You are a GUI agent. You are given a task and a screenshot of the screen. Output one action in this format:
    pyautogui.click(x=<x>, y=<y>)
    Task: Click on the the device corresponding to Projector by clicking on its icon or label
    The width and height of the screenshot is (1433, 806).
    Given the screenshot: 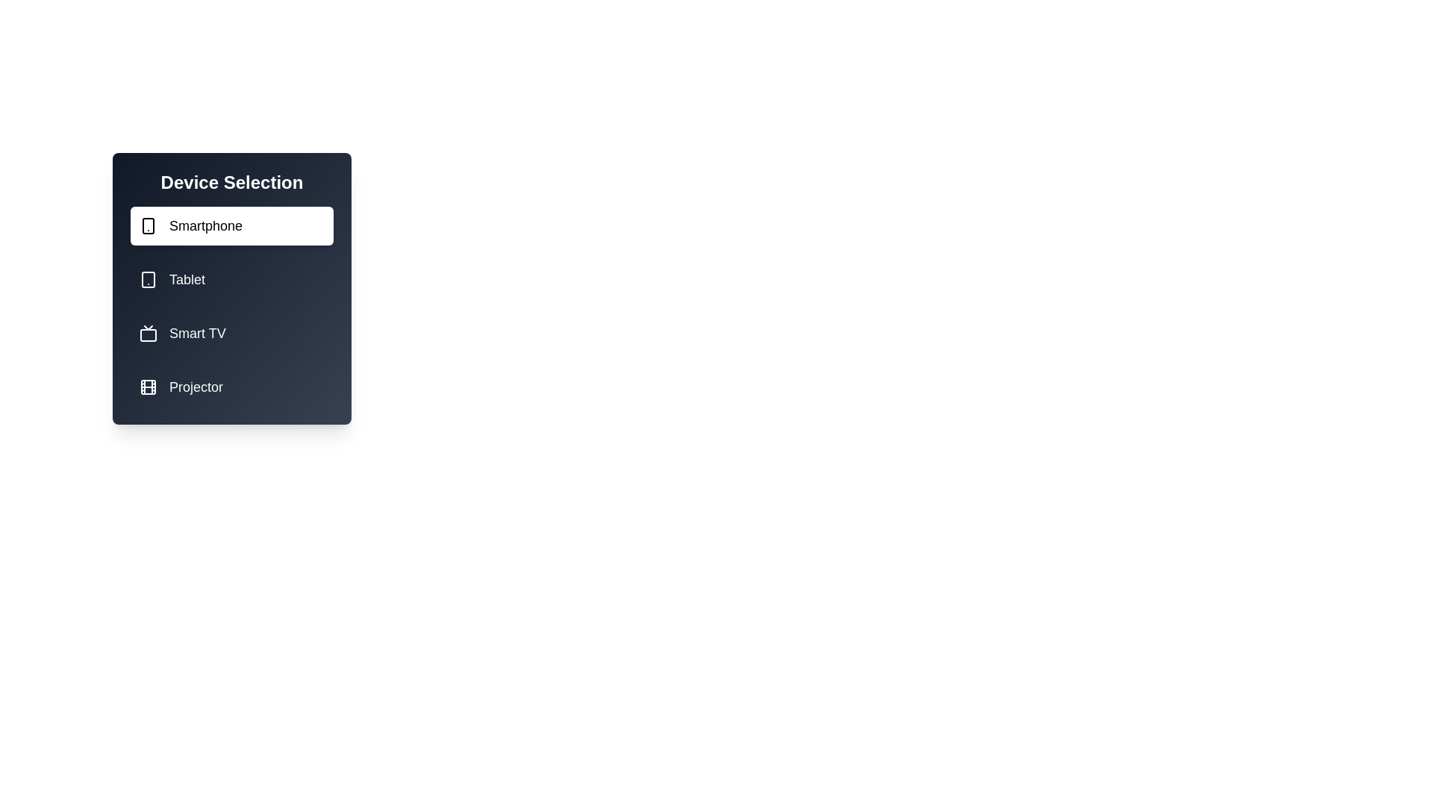 What is the action you would take?
    pyautogui.click(x=231, y=387)
    